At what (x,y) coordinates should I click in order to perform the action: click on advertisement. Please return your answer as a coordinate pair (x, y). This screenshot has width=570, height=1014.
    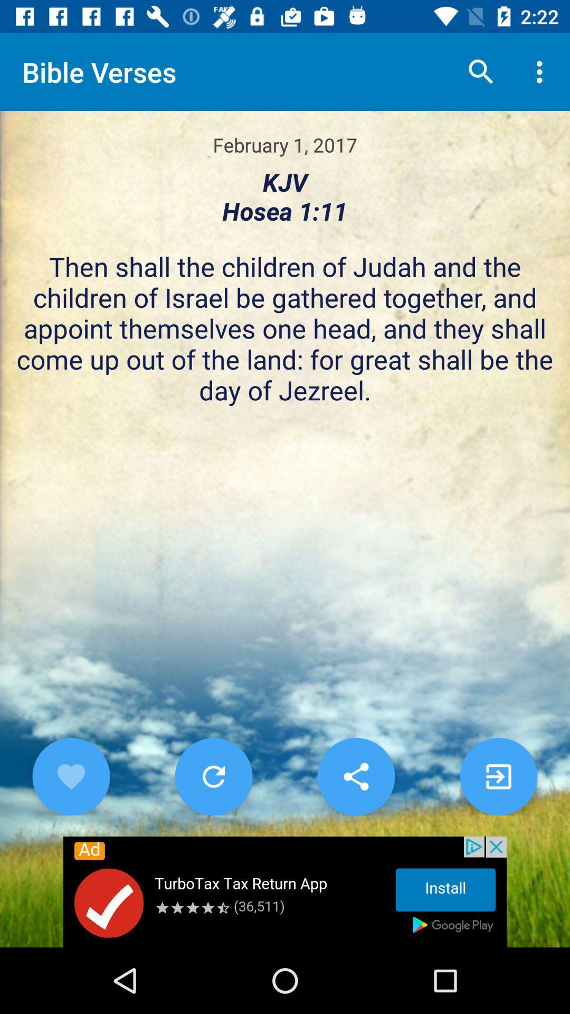
    Looking at the image, I should click on (285, 891).